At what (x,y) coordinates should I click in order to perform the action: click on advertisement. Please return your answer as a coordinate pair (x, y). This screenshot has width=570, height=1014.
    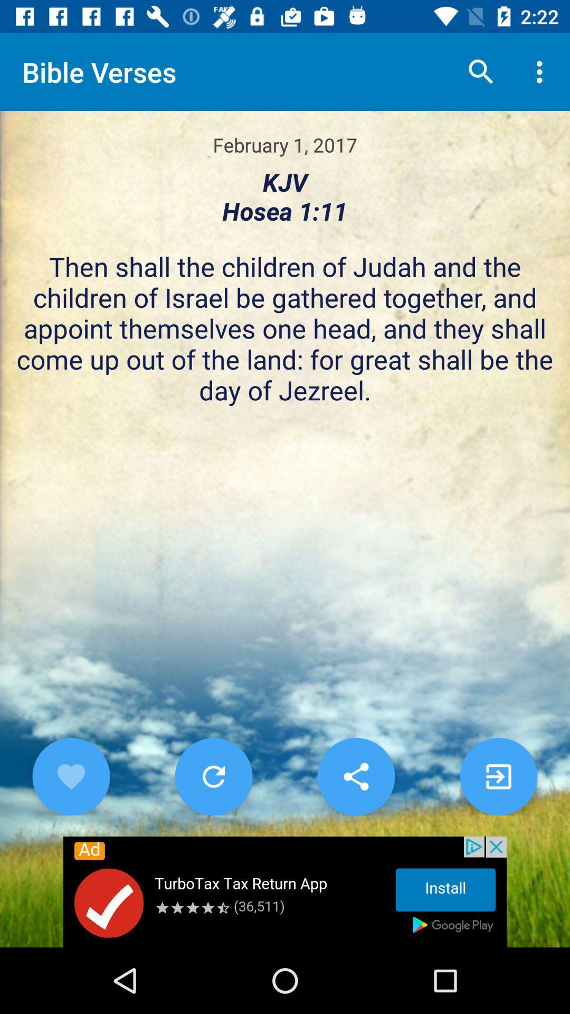
    Looking at the image, I should click on (285, 891).